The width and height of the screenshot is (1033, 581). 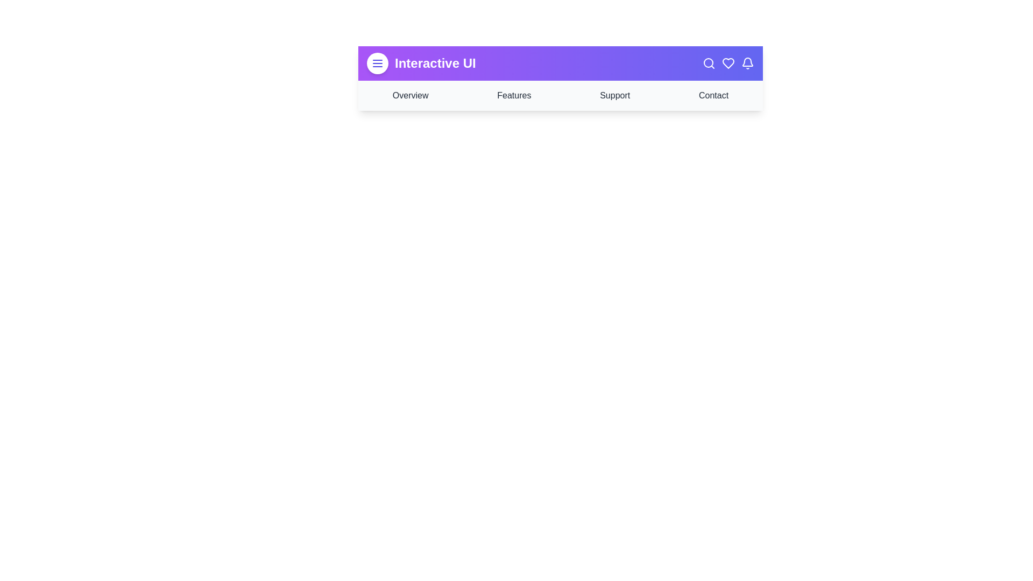 What do you see at coordinates (713, 95) in the screenshot?
I see `the navigation bar item labeled 'Contact'` at bounding box center [713, 95].